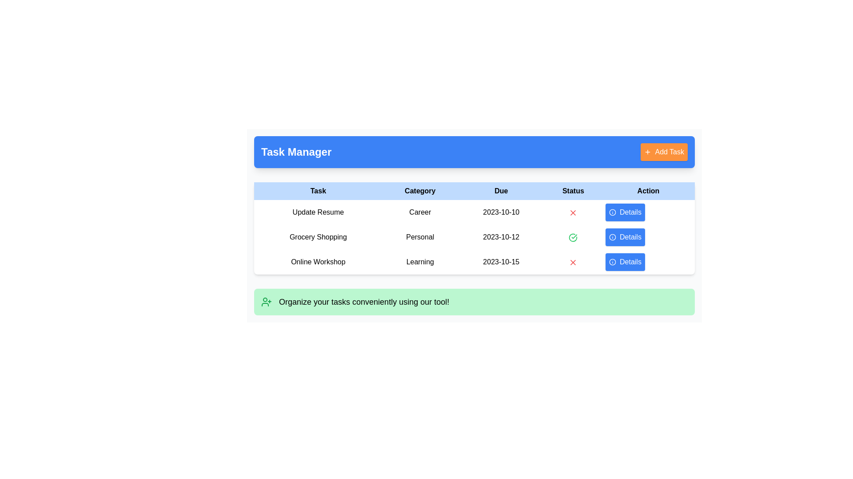  What do you see at coordinates (318, 212) in the screenshot?
I see `text of the 'Update Resume' label, which is displayed in black text as the first item under the 'Task' column` at bounding box center [318, 212].